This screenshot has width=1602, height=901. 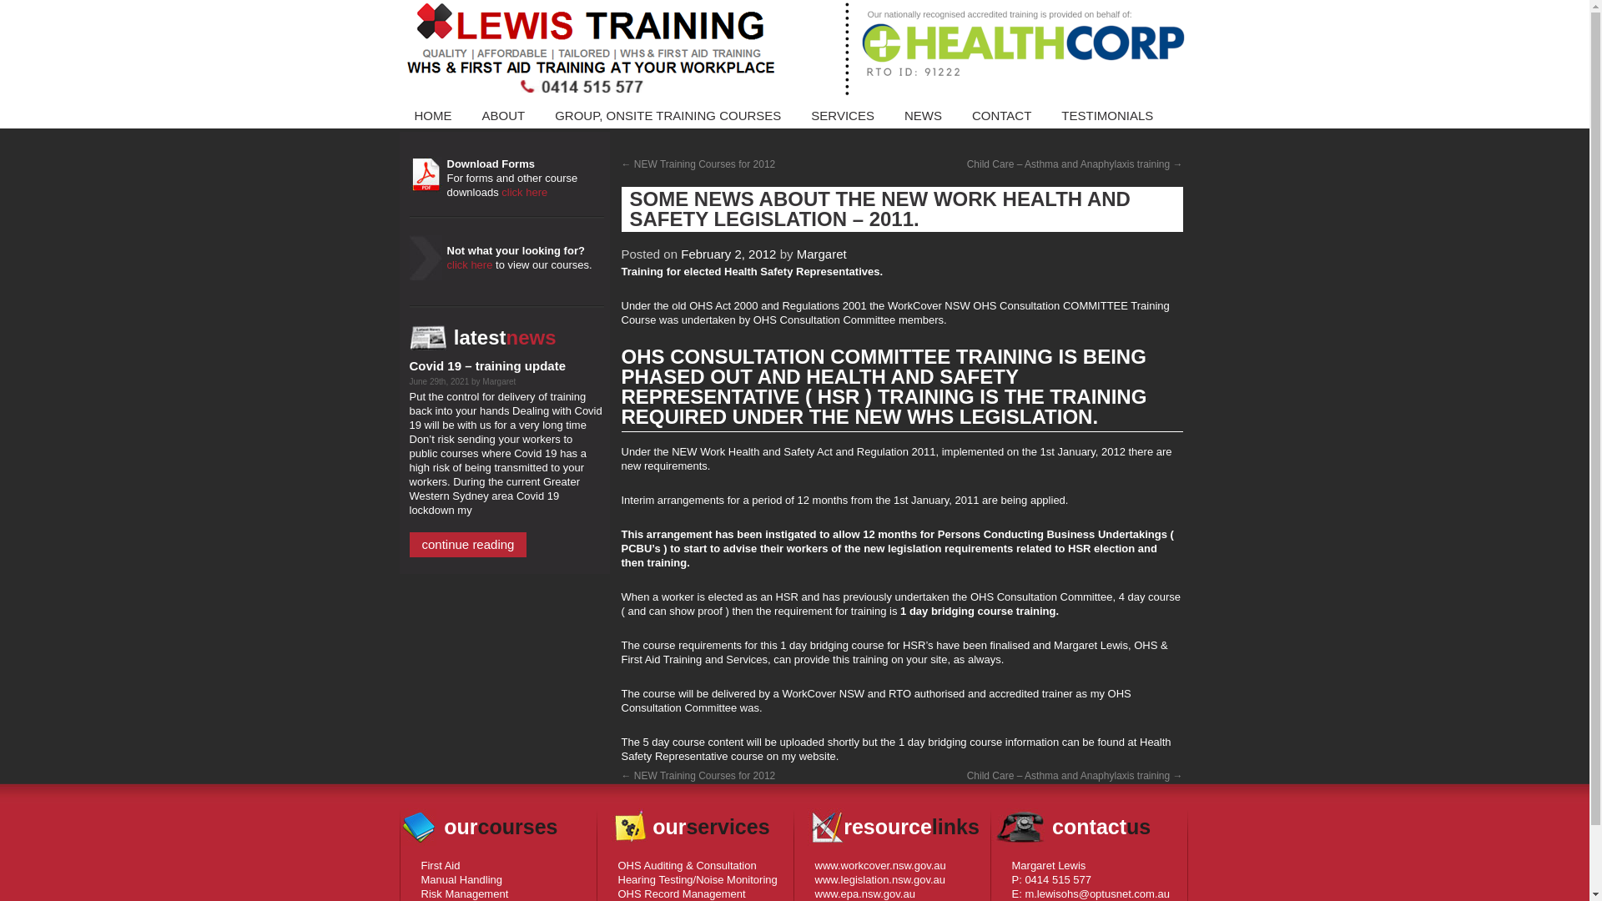 What do you see at coordinates (469, 264) in the screenshot?
I see `'click here'` at bounding box center [469, 264].